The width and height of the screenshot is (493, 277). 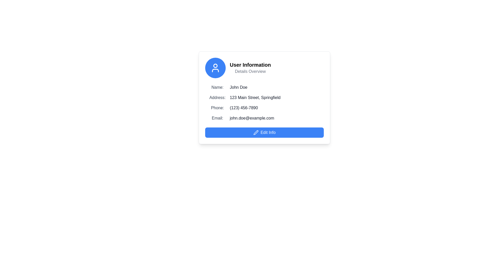 What do you see at coordinates (217, 118) in the screenshot?
I see `the 'Email:' text label, which is styled with a medium-weight font and gray color, positioned in the user profile card interface` at bounding box center [217, 118].